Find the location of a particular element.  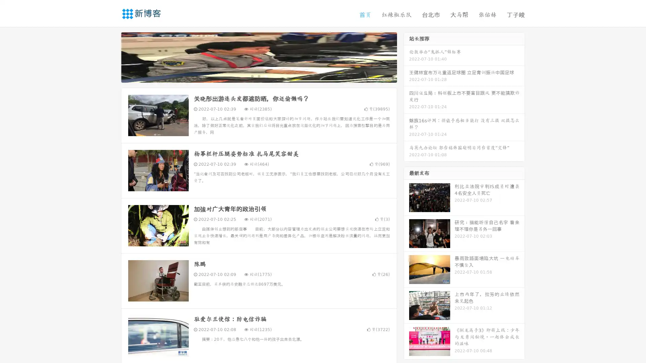

Go to slide 2 is located at coordinates (258, 76).